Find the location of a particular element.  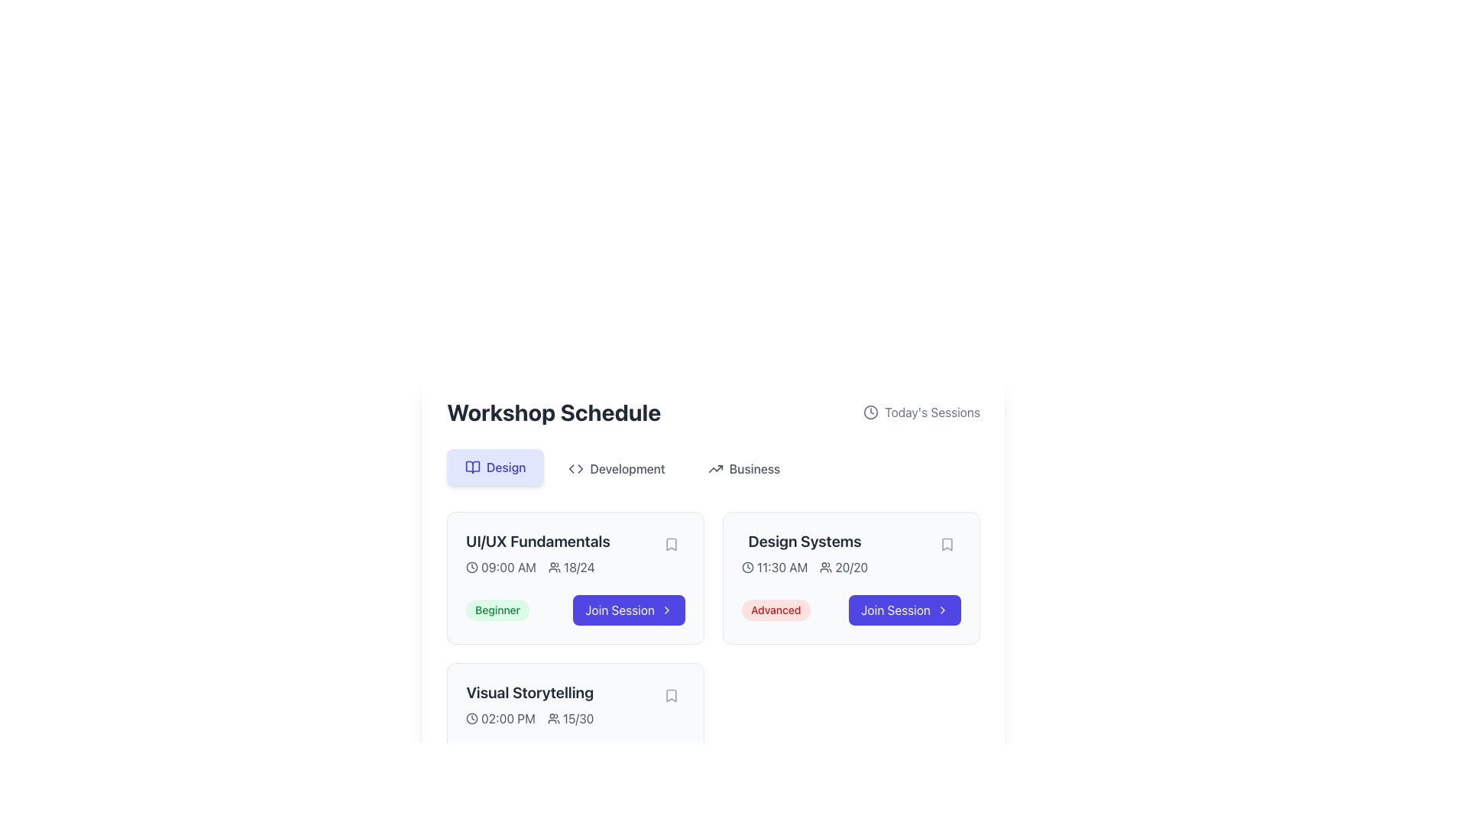

the text label 'Design Systems', which is styled with a large, bold font in dark gray, located at the top section of the workshop session card is located at coordinates (804, 541).